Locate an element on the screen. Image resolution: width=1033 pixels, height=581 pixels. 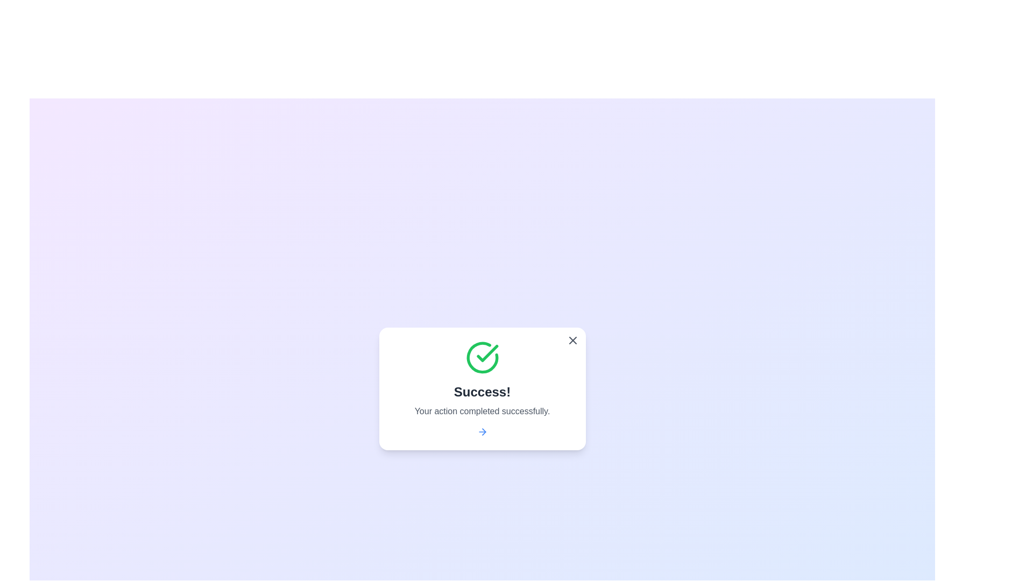
the close button to dismiss the notification is located at coordinates (572, 340).